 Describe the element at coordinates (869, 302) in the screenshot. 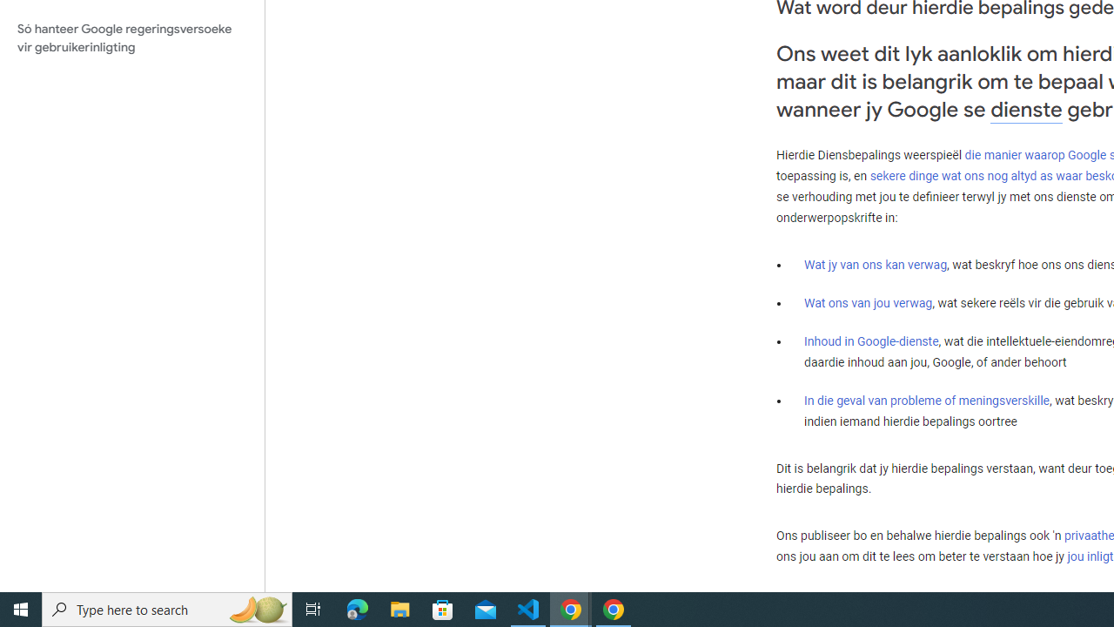

I see `'Wat ons van jou verwag'` at that location.